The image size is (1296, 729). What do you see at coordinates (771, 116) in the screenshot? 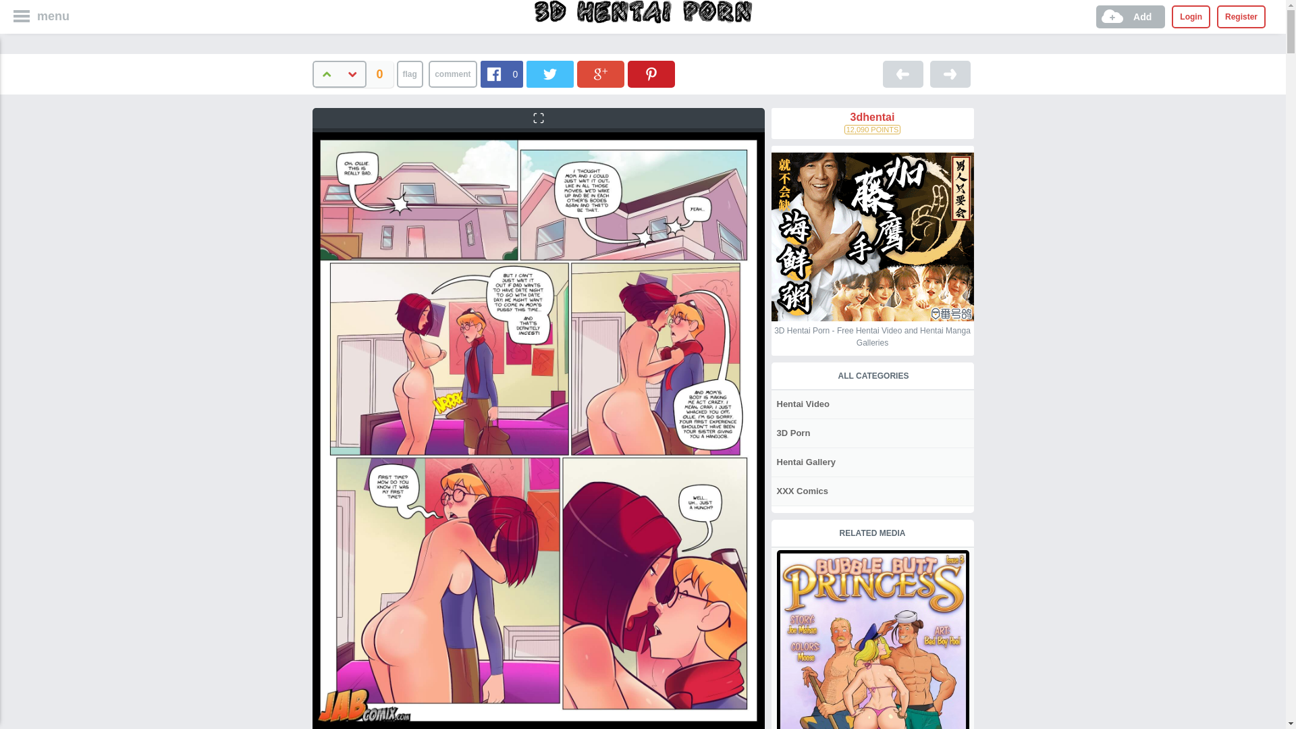
I see `'3dhentai'` at bounding box center [771, 116].